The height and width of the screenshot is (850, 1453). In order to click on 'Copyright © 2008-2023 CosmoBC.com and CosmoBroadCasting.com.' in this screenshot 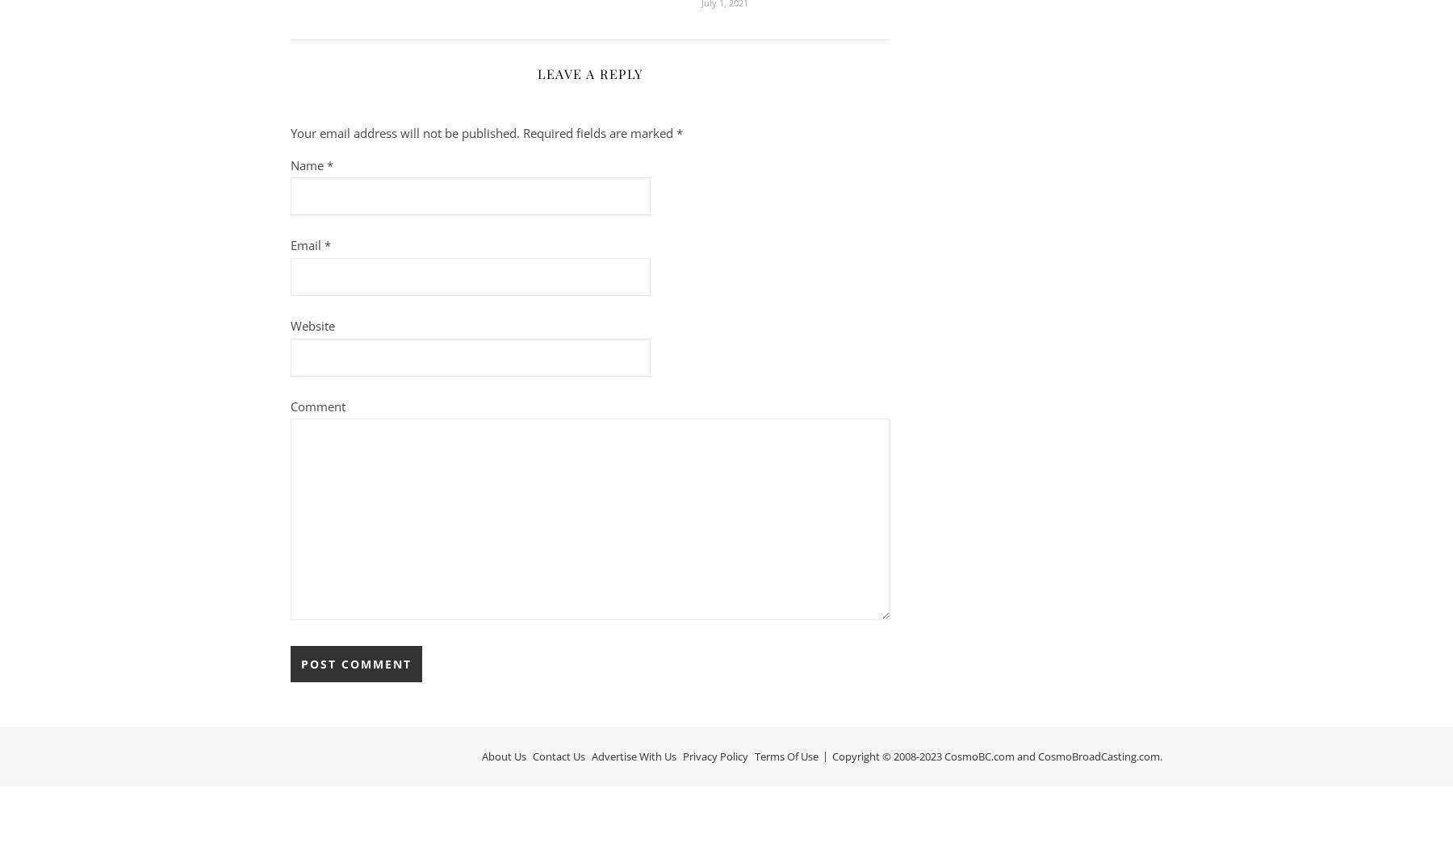, I will do `click(832, 755)`.